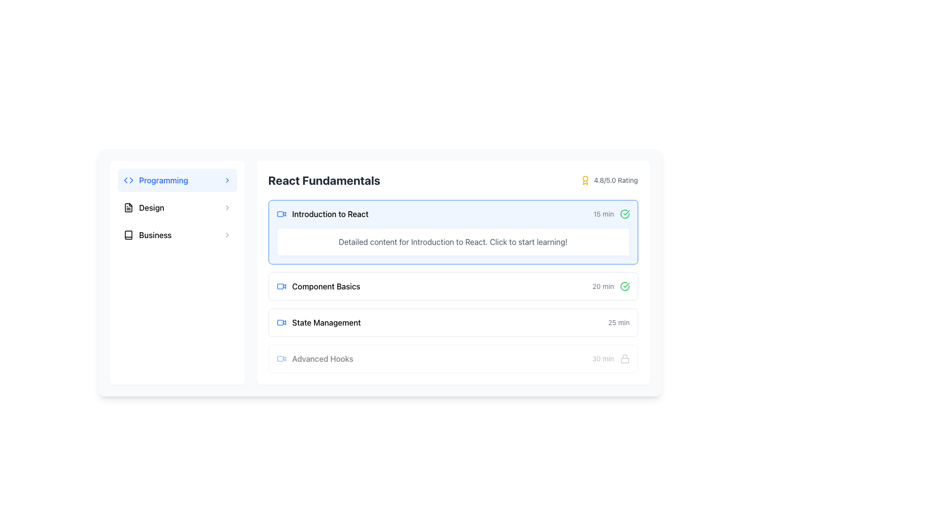 The image size is (939, 528). I want to click on the text label displaying '20 min' that is paired with a checkmark icon in a green circle, located under the 'React Fundamentals' section and to the right of the 'Component Basics' title, so click(610, 286).